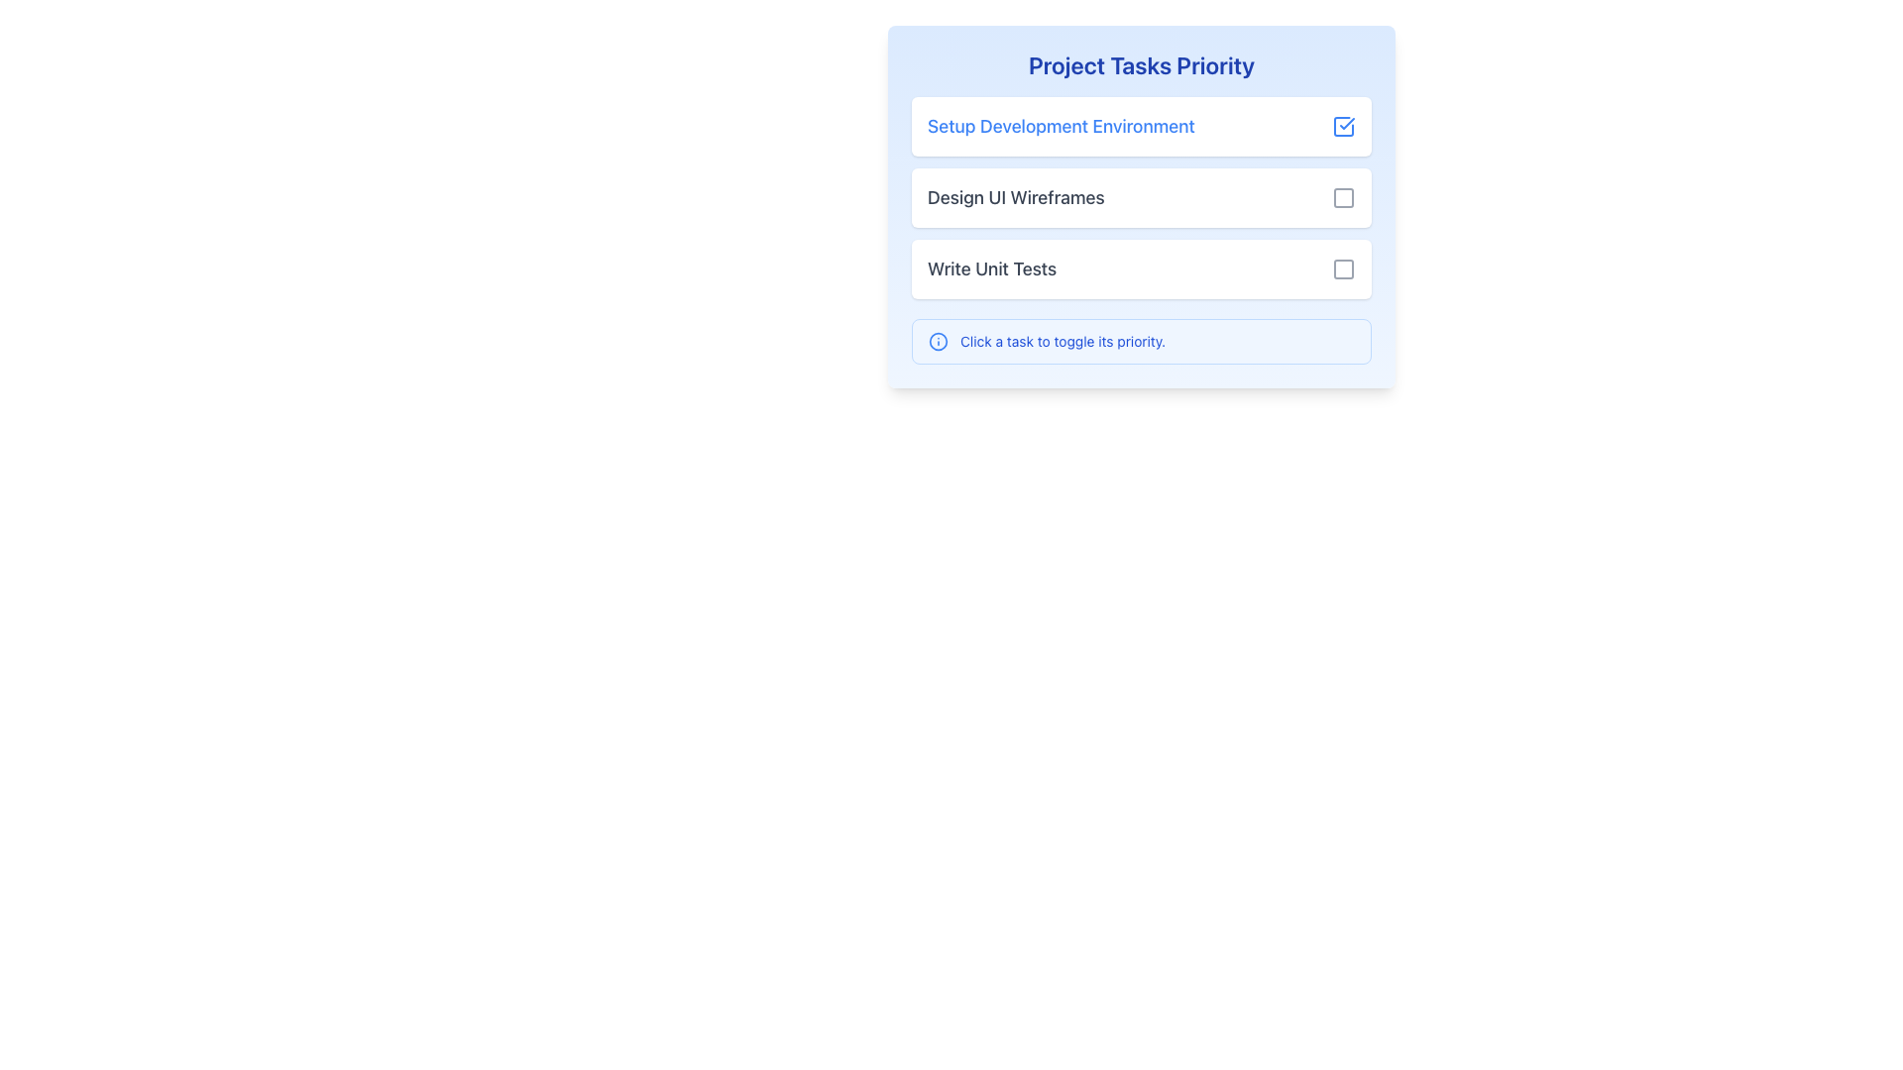  I want to click on the header text element located at the top of the light blue card UI component, which provides context for the tasks listed below, so click(1142, 63).